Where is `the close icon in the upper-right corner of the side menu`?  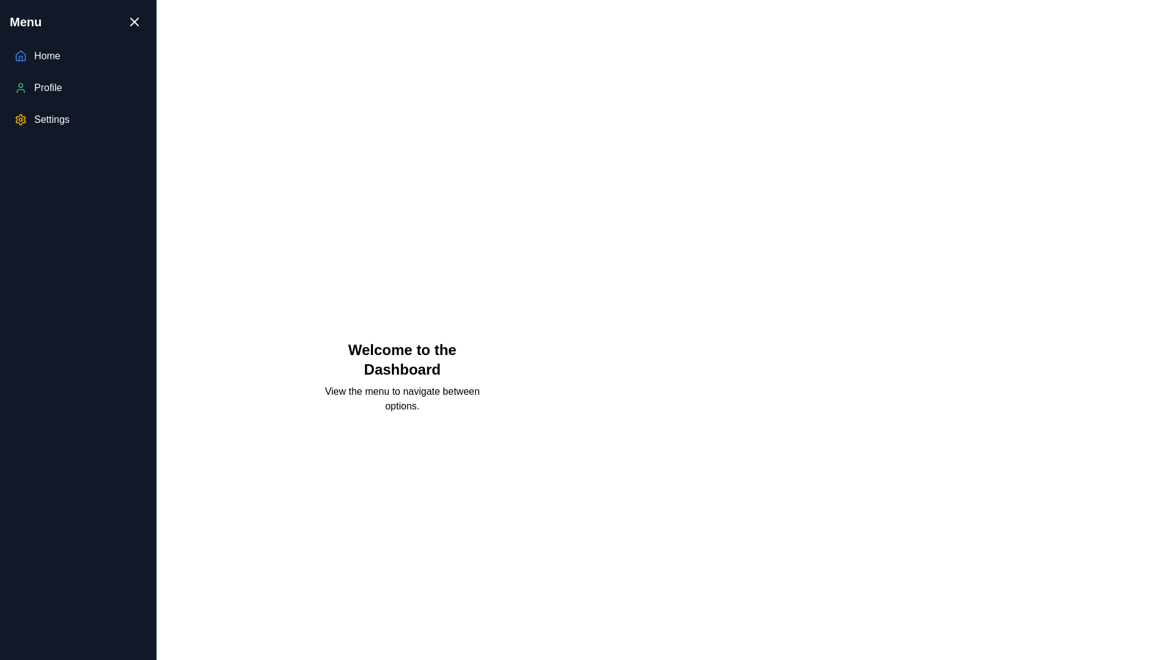 the close icon in the upper-right corner of the side menu is located at coordinates (135, 21).